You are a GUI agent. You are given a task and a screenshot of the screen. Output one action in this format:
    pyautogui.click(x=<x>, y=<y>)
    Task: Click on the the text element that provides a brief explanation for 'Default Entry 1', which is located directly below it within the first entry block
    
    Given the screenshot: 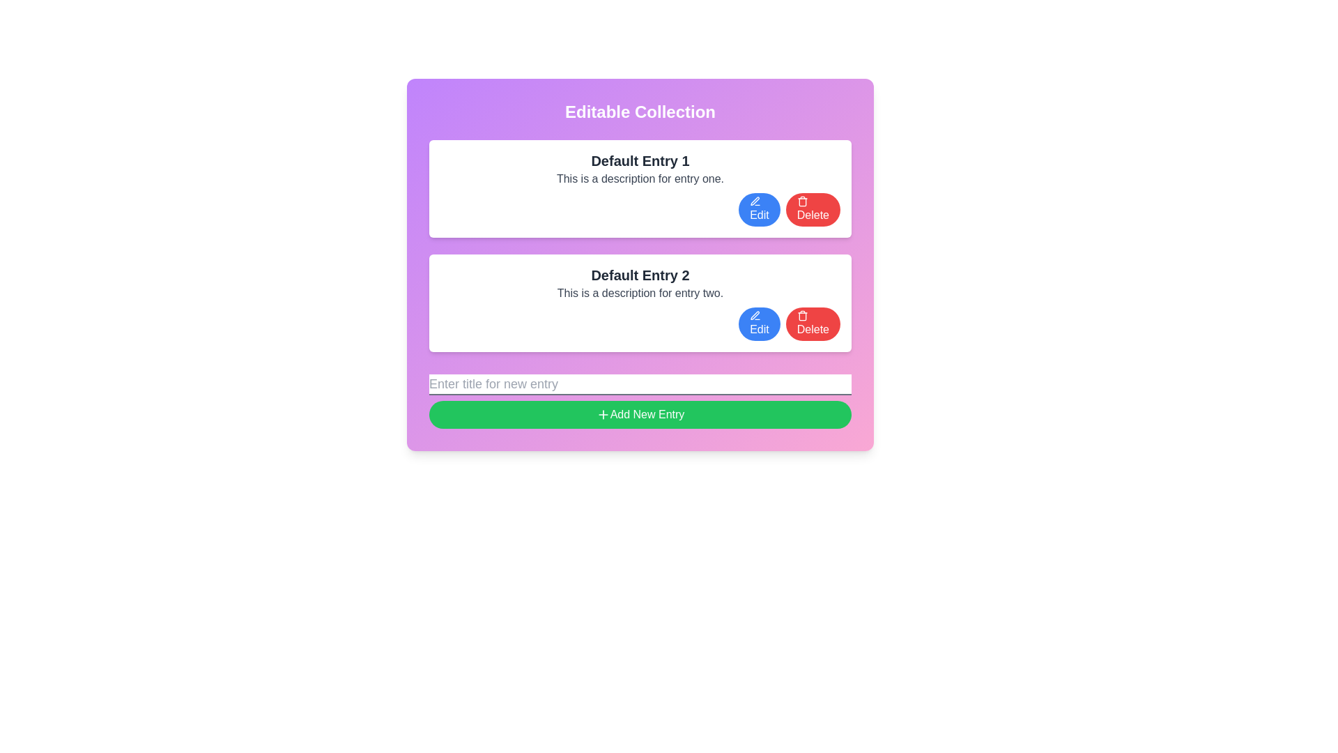 What is the action you would take?
    pyautogui.click(x=639, y=178)
    